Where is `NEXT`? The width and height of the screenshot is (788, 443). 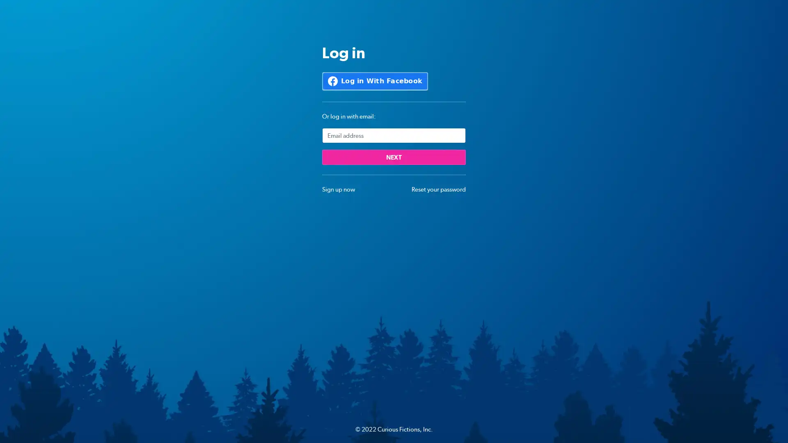 NEXT is located at coordinates (394, 157).